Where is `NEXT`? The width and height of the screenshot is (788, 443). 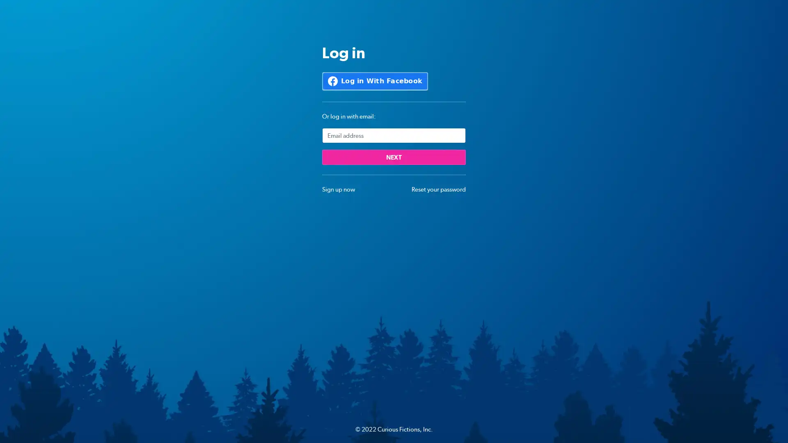 NEXT is located at coordinates (394, 157).